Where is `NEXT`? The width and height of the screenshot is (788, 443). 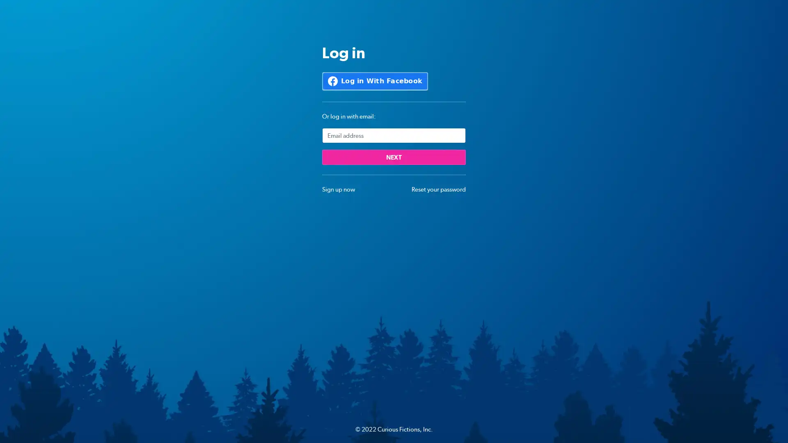 NEXT is located at coordinates (394, 157).